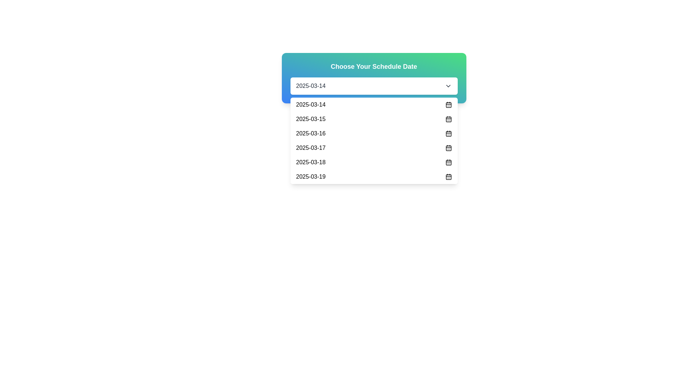  Describe the element at coordinates (374, 104) in the screenshot. I see `the selectable dropdown option displaying the date '2025-03-14'` at that location.